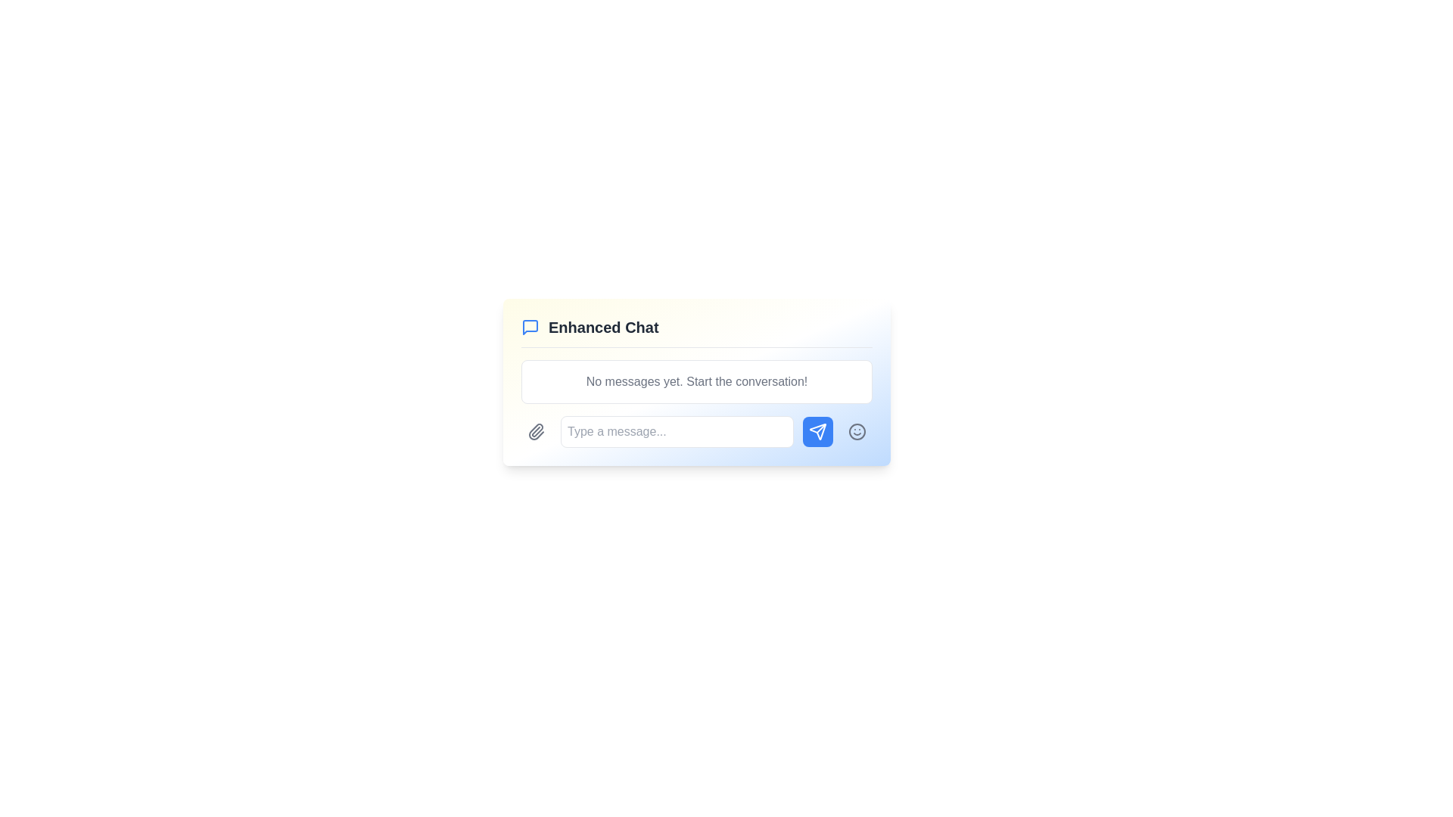 This screenshot has height=817, width=1453. What do you see at coordinates (817, 431) in the screenshot?
I see `the send message button located to the right of the text input field in the chat interface` at bounding box center [817, 431].